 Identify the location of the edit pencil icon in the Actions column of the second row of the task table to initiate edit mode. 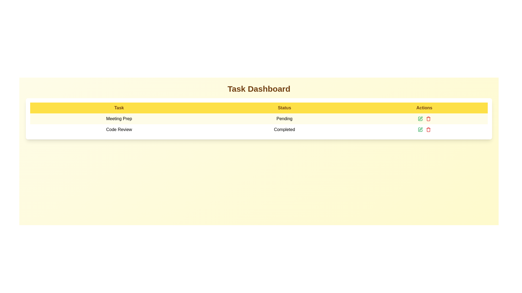
(420, 130).